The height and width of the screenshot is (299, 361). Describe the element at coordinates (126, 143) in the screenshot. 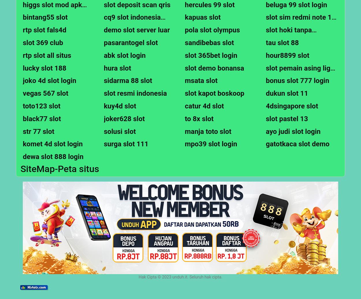

I see `'surga slot 111'` at that location.